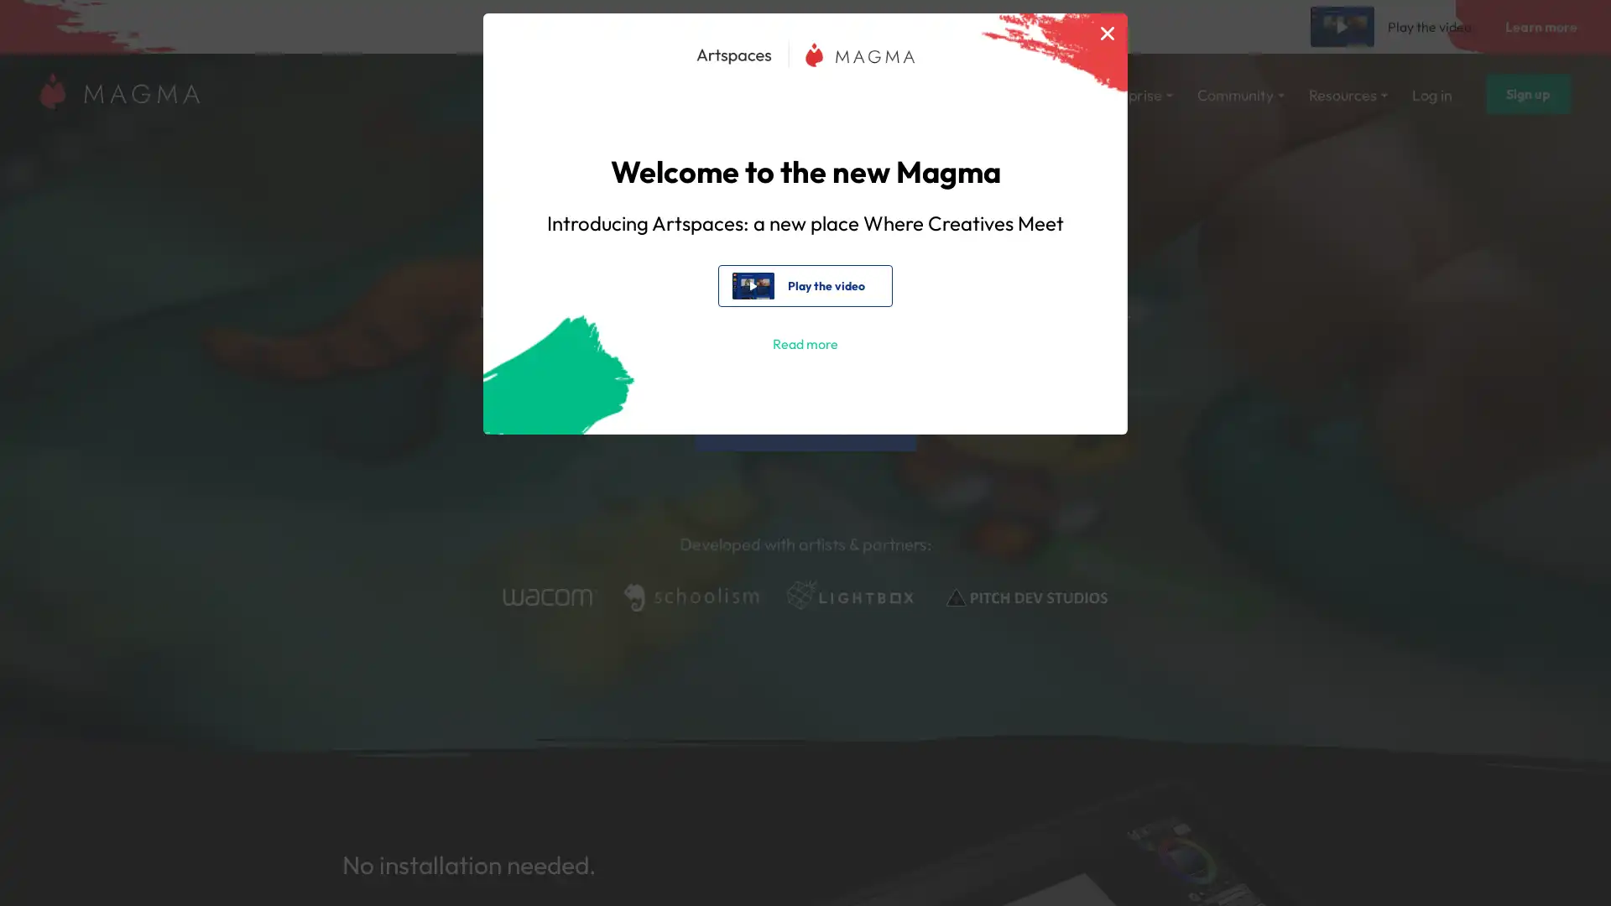 This screenshot has height=906, width=1611. I want to click on Play the video, so click(1394, 26).